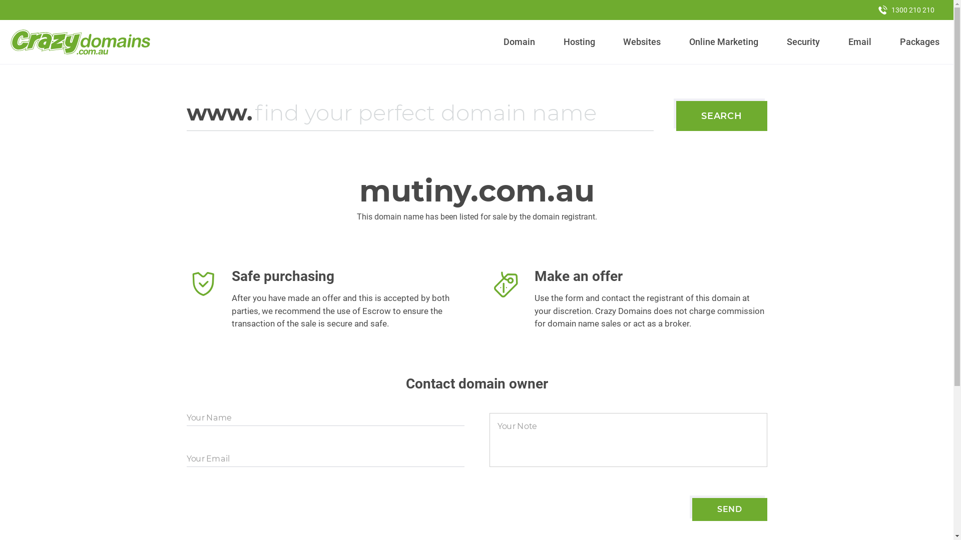  I want to click on 'Online Marketing', so click(684, 41).